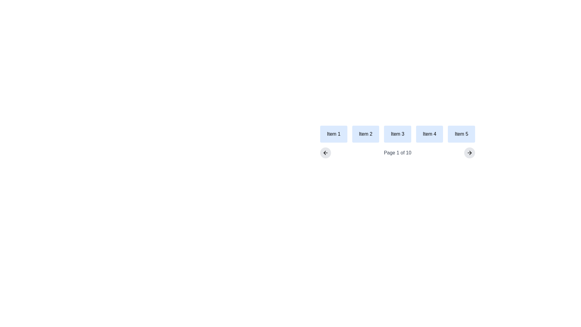  Describe the element at coordinates (469, 153) in the screenshot. I see `the navigation button located on the far right of the pagination section, aligned with 'Page 1 of 10' and the left-arrow button, to change its appearance slightly` at that location.